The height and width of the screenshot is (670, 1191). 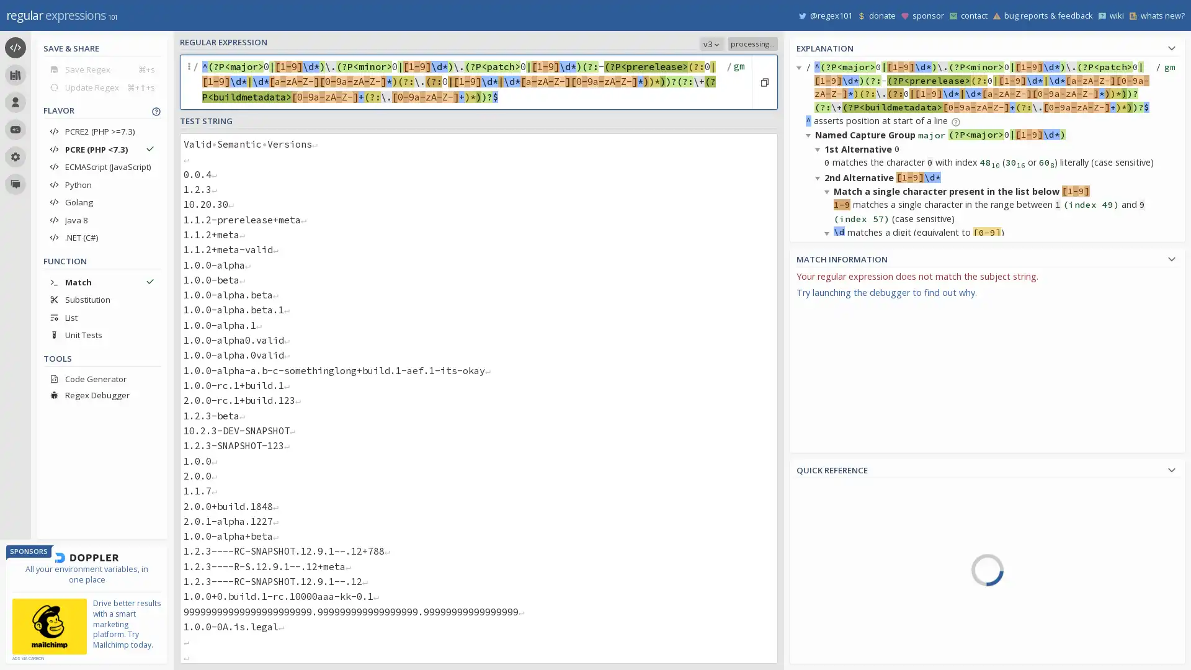 I want to click on Copy to clipboard, so click(x=764, y=82).